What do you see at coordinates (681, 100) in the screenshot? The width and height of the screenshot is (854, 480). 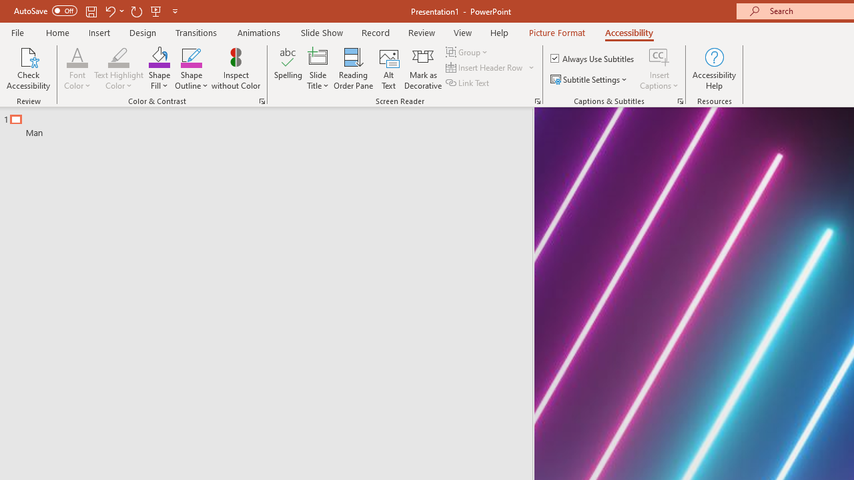 I see `'Captions & Subtitles'` at bounding box center [681, 100].